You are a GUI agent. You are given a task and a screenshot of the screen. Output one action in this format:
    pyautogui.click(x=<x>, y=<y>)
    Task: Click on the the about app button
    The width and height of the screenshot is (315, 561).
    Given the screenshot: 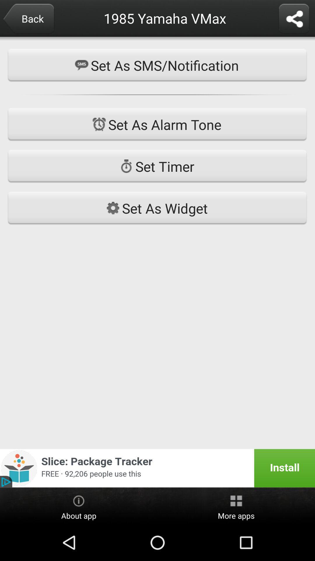 What is the action you would take?
    pyautogui.click(x=79, y=506)
    